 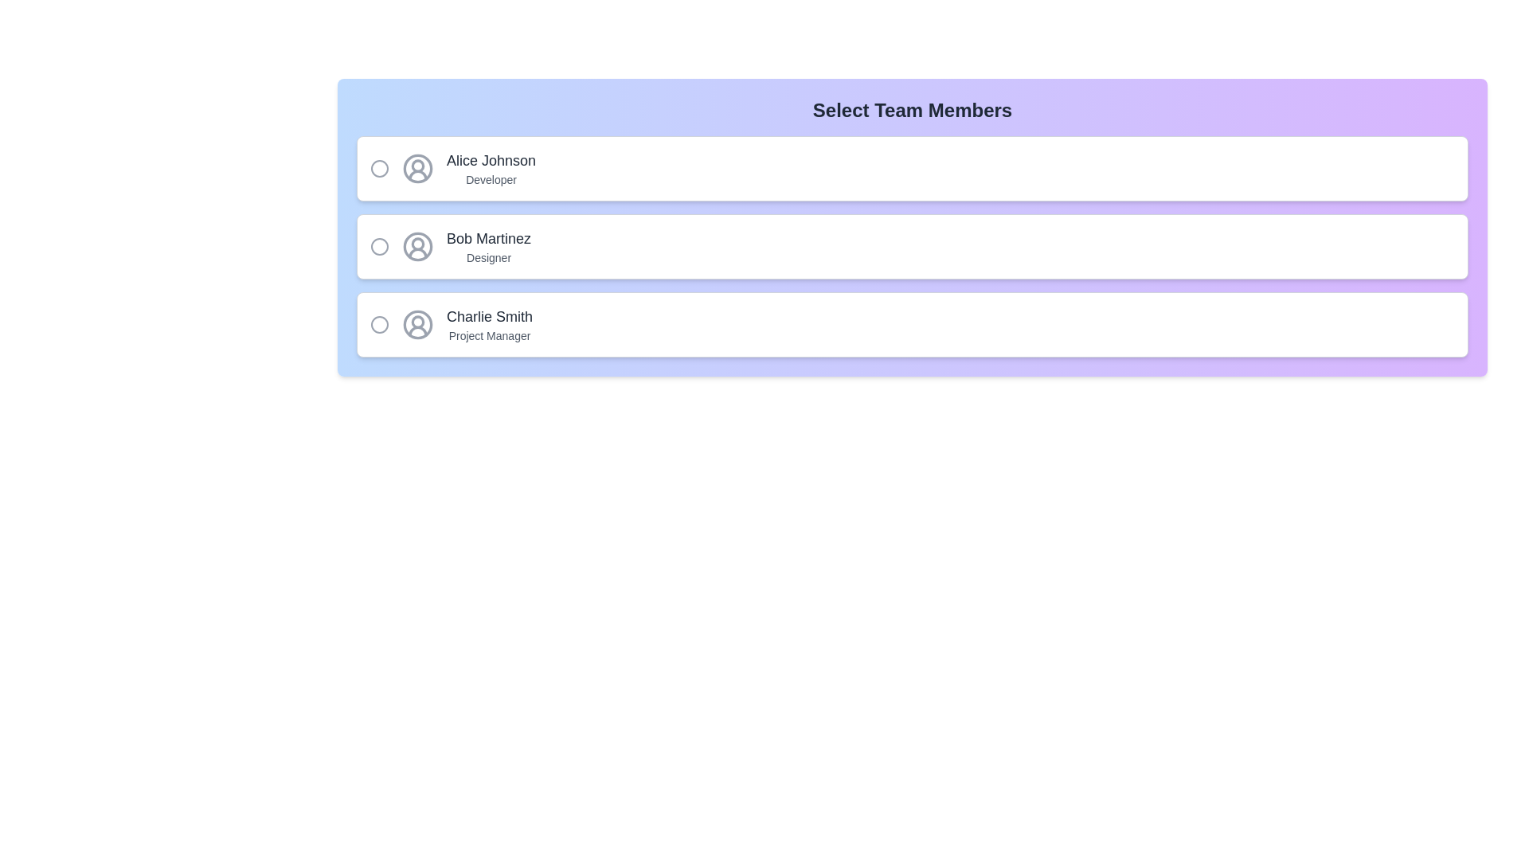 What do you see at coordinates (417, 166) in the screenshot?
I see `the small circular decorative shape within the user profile icon for 'Alice Johnson, Developer' in the 'Select Team Members' panel` at bounding box center [417, 166].